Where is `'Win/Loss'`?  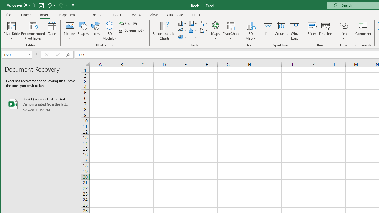 'Win/Loss' is located at coordinates (295, 31).